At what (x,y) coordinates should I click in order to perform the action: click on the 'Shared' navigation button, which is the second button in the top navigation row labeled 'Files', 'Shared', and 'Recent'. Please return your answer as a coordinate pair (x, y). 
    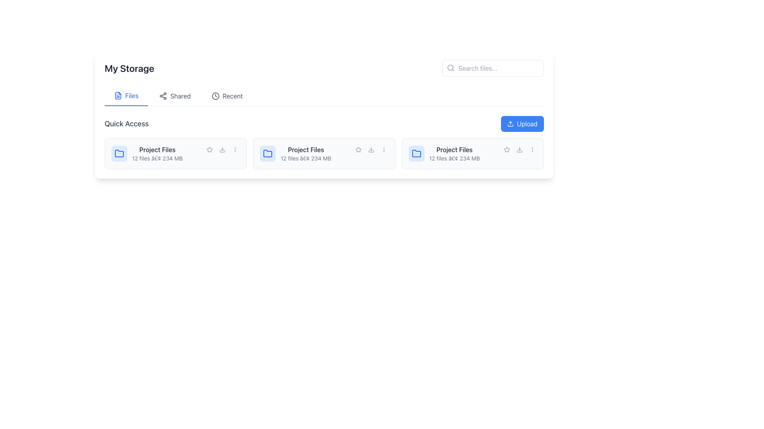
    Looking at the image, I should click on (174, 96).